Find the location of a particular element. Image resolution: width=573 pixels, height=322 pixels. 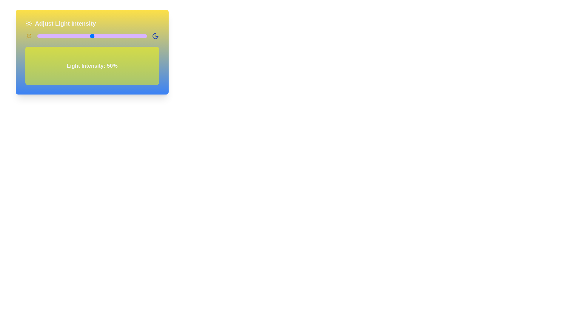

the light intensity to 52% by interacting with the slider is located at coordinates (94, 36).